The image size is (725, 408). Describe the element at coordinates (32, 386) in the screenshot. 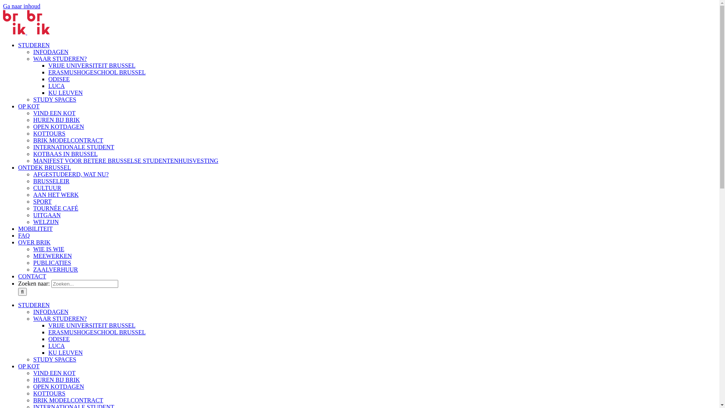

I see `'OPEN KOTDAGEN'` at that location.